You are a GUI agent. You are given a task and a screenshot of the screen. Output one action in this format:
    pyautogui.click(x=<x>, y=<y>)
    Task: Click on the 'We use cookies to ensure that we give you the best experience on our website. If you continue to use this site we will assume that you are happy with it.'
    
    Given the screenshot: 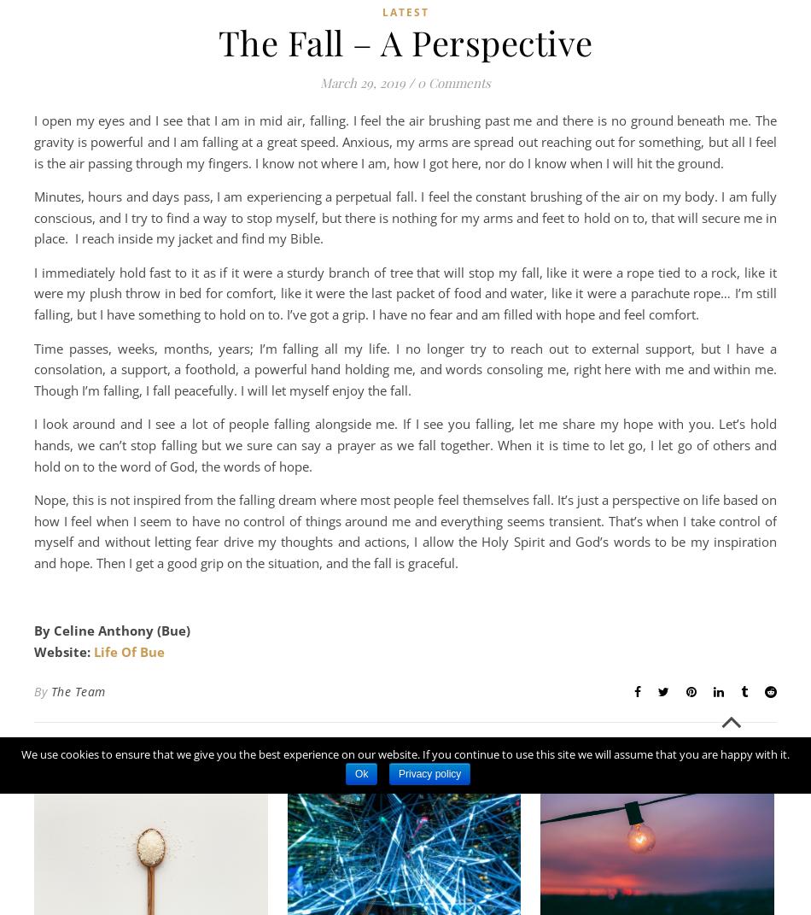 What is the action you would take?
    pyautogui.click(x=405, y=754)
    